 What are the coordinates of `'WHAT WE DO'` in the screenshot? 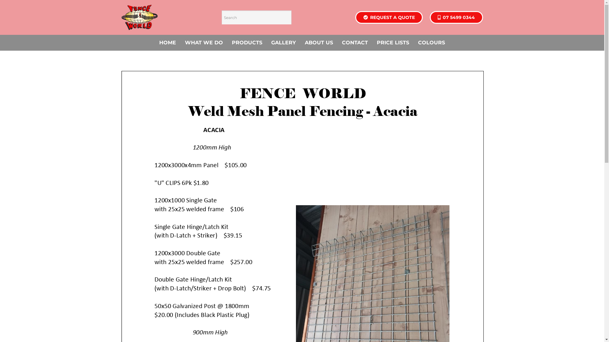 It's located at (204, 43).